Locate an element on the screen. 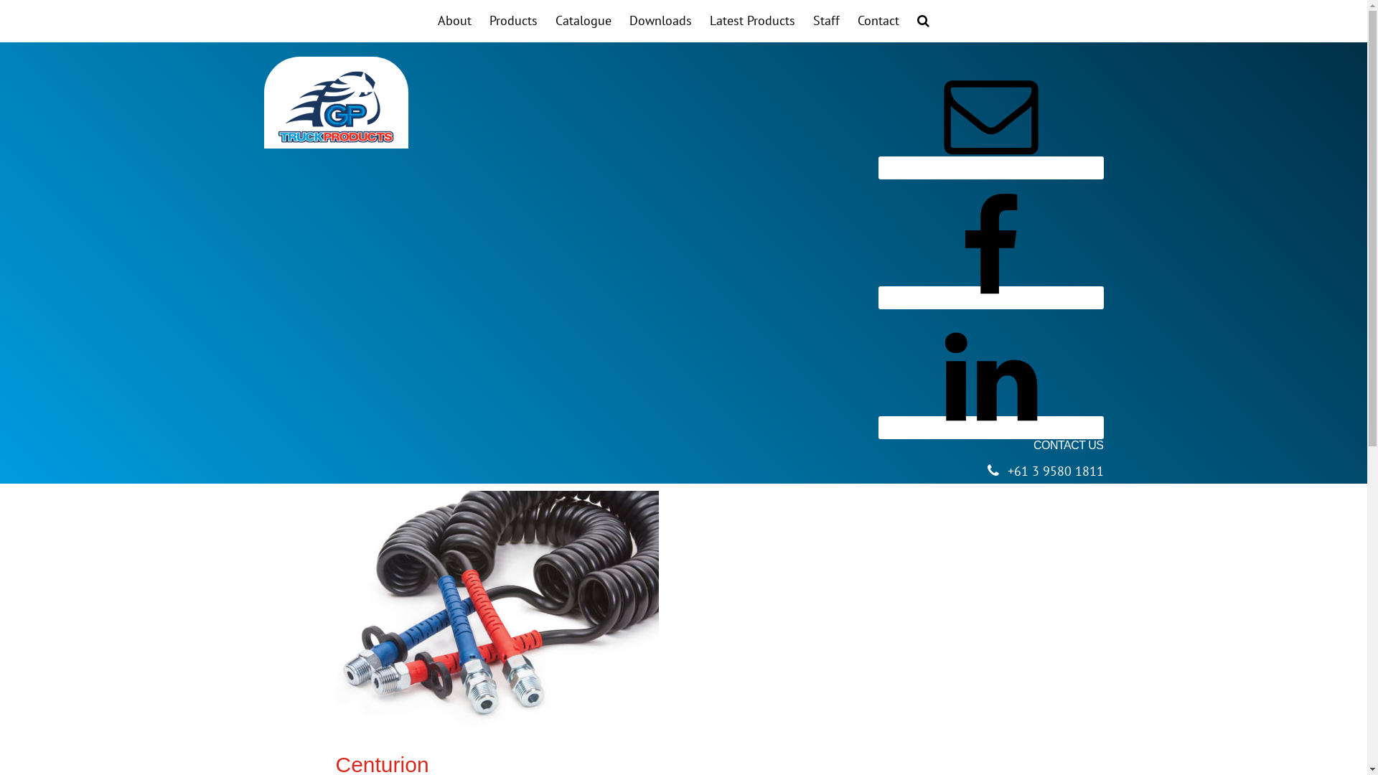 Image resolution: width=1378 pixels, height=775 pixels. 'GP TRUCK PRODUCTS' is located at coordinates (335, 106).